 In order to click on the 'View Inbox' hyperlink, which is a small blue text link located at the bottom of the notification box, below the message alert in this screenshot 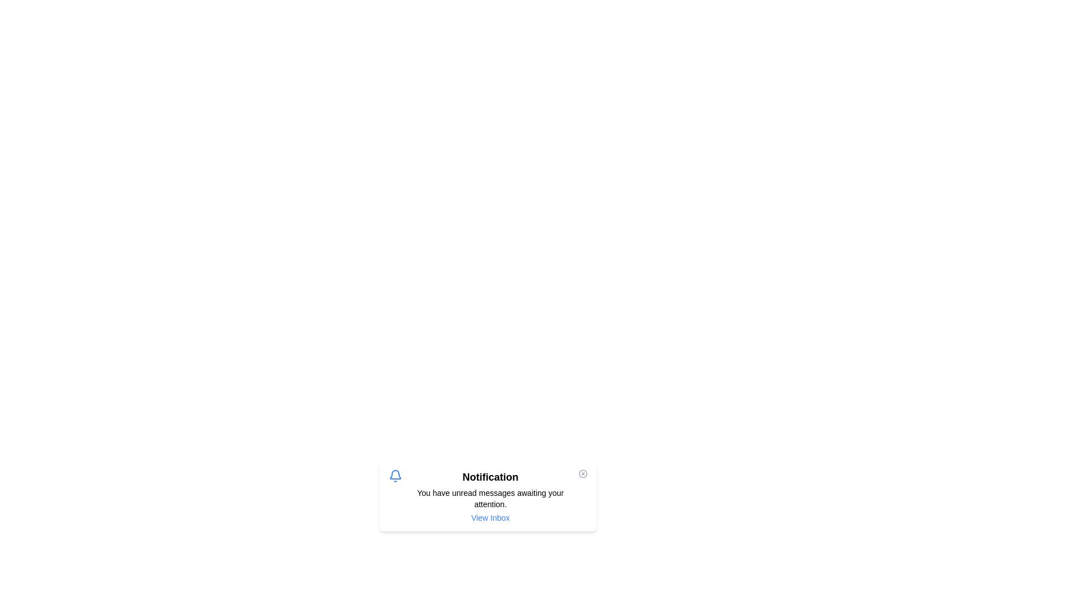, I will do `click(491, 518)`.